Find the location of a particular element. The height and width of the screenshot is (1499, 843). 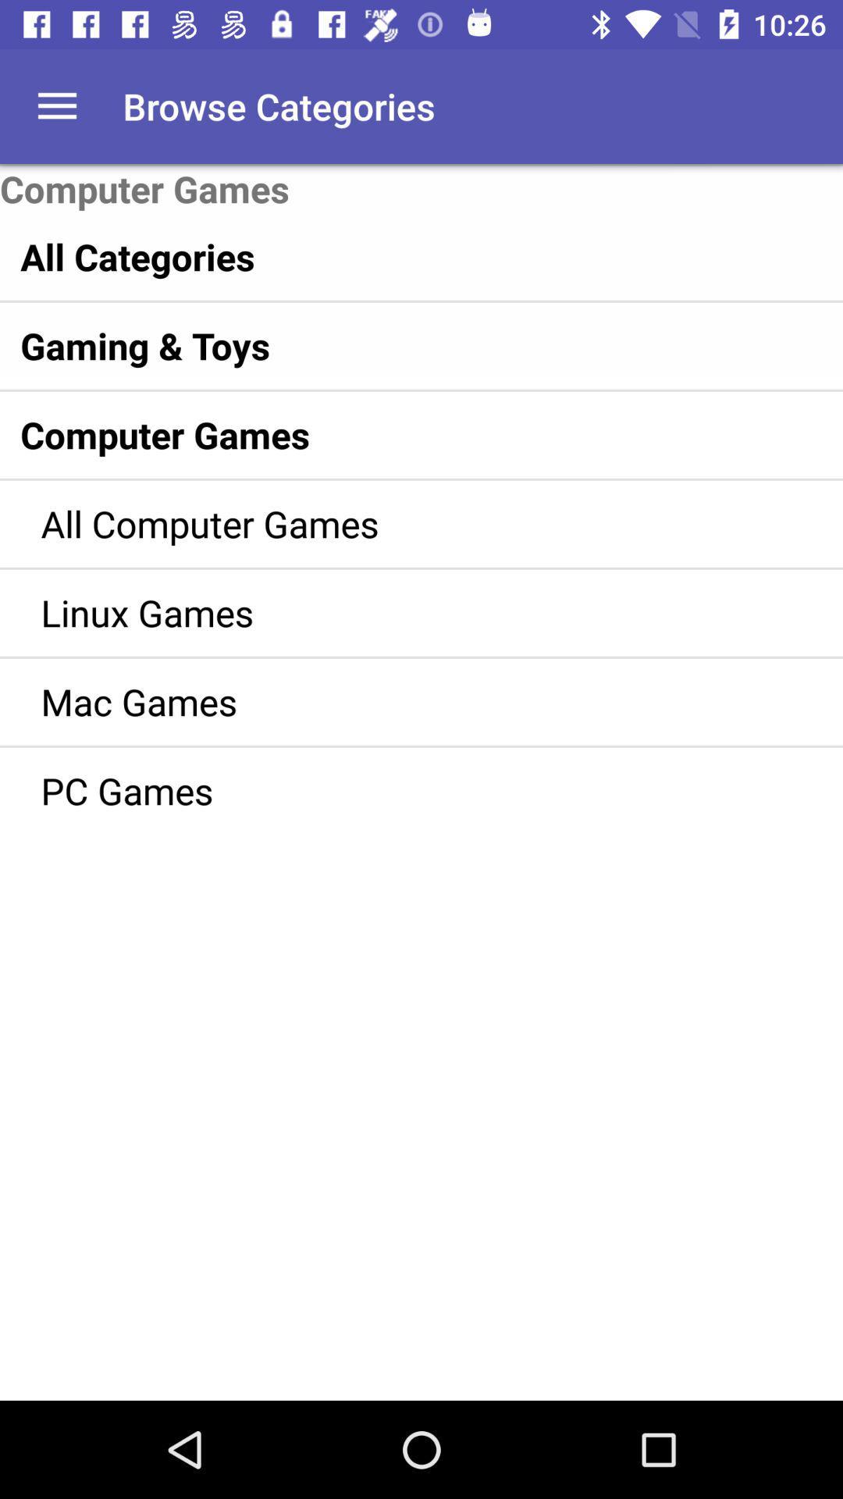

the gaming & toys icon is located at coordinates (387, 344).